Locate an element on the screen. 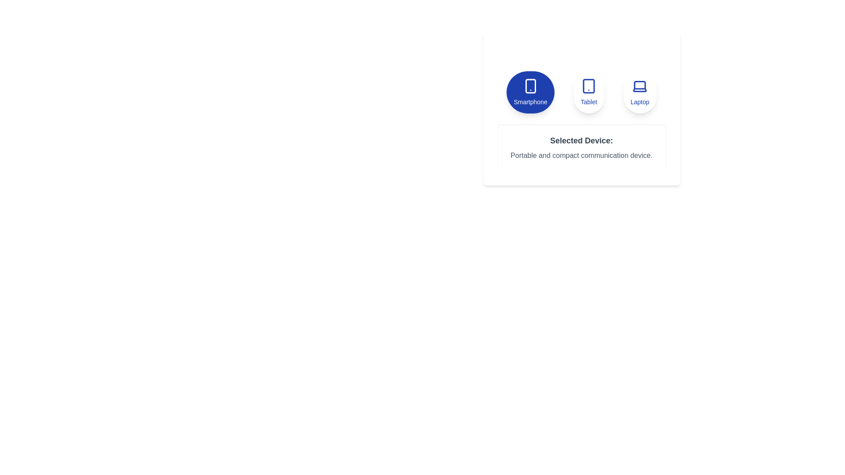 This screenshot has height=475, width=845. the Laptop button to observe its hover effect is located at coordinates (640, 92).